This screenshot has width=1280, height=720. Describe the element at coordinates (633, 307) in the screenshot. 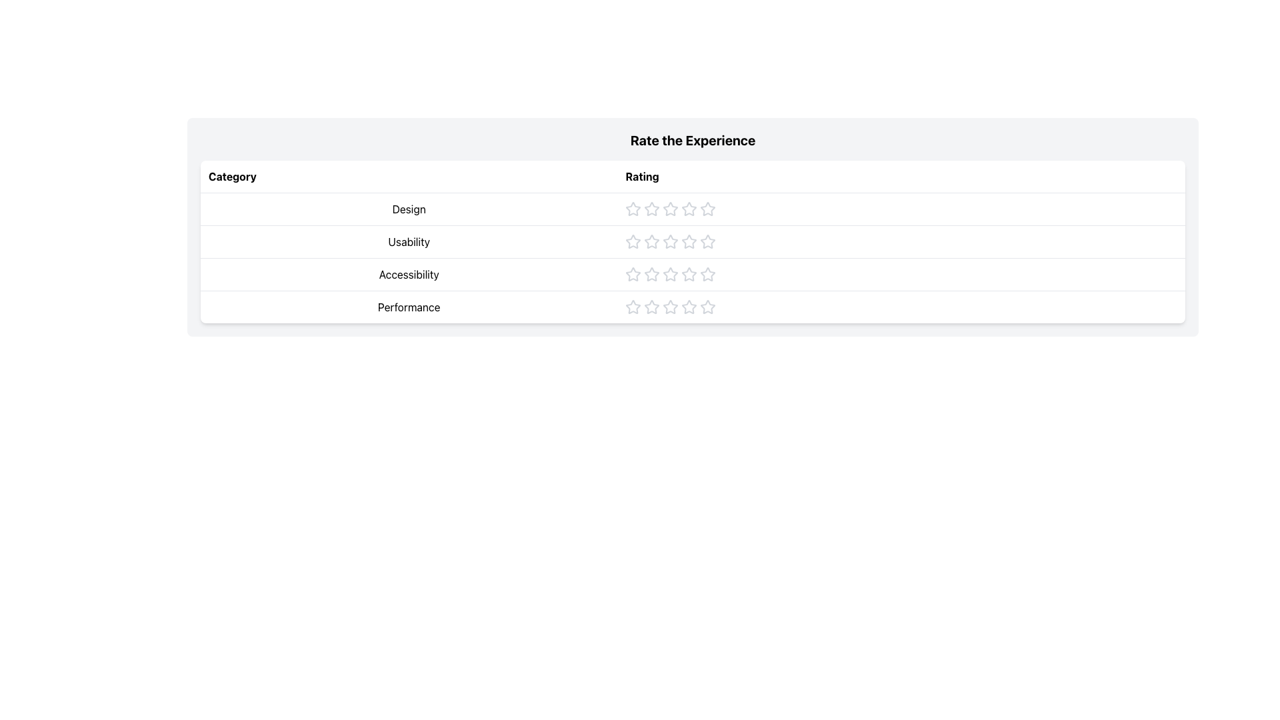

I see `the first star-shaped icon in the 'Performance' category rating system` at that location.